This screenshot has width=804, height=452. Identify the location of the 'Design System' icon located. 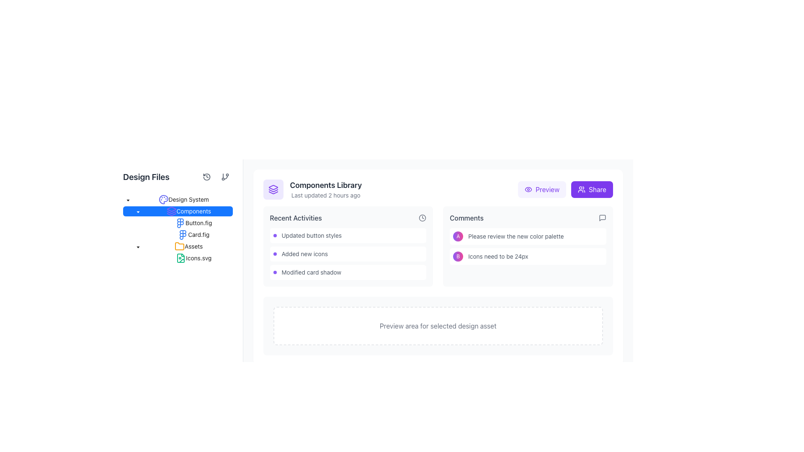
(163, 200).